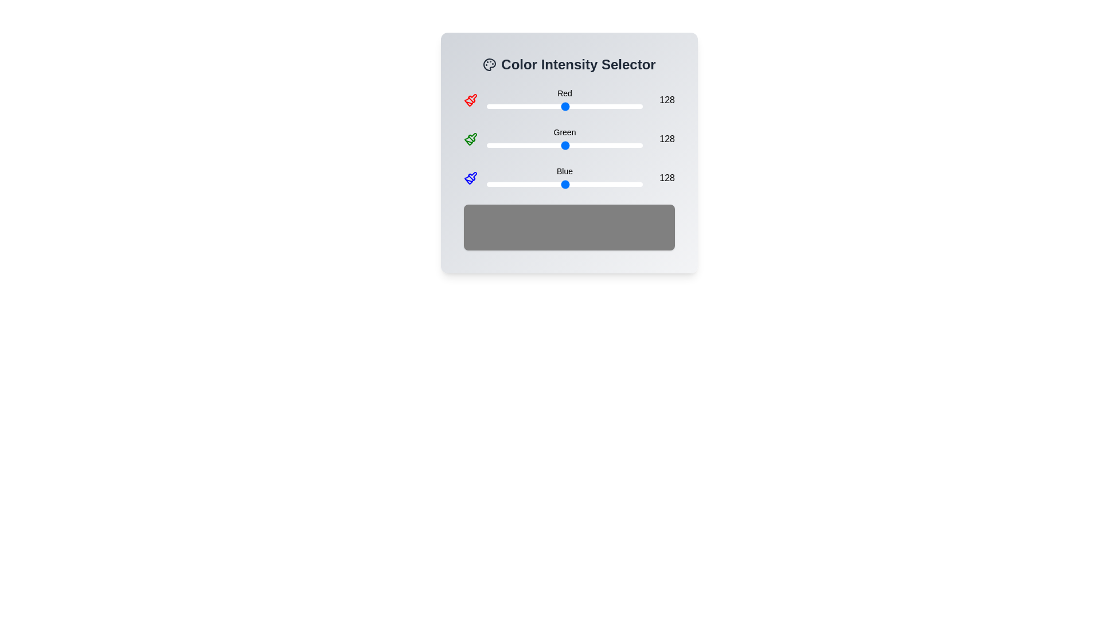 This screenshot has height=619, width=1101. Describe the element at coordinates (584, 145) in the screenshot. I see `green intensity` at that location.